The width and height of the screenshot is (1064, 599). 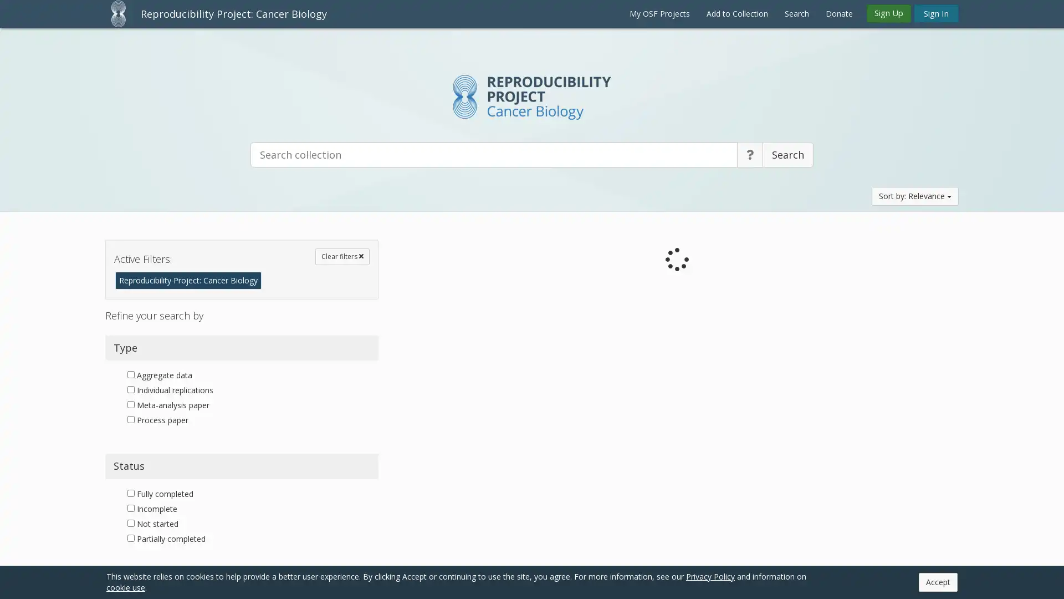 What do you see at coordinates (935, 13) in the screenshot?
I see `Sign In` at bounding box center [935, 13].